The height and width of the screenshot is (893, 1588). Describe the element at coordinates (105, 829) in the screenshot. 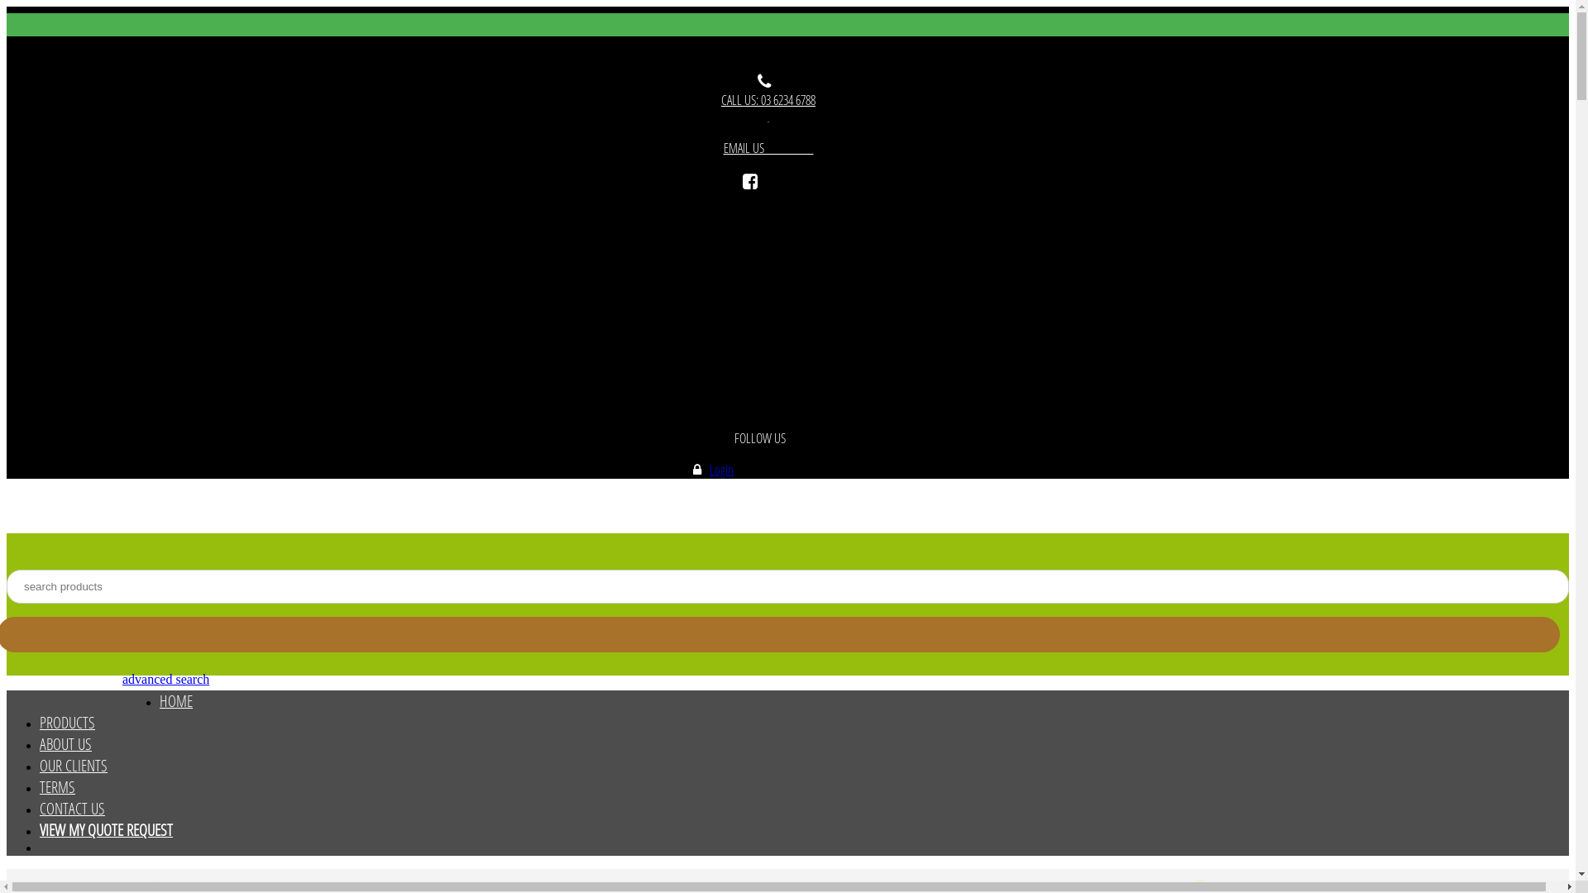

I see `'VIEW MY QUOTE REQUEST'` at that location.